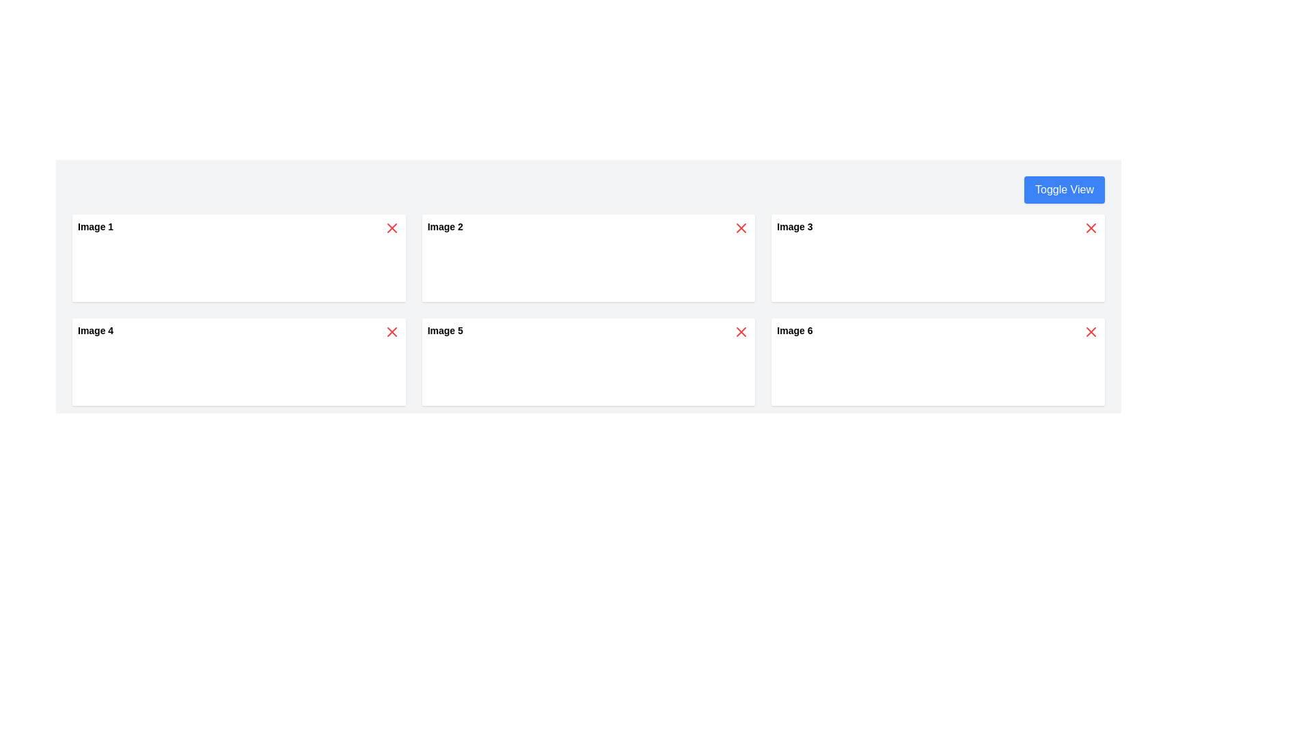 The width and height of the screenshot is (1312, 738). Describe the element at coordinates (391, 228) in the screenshot. I see `the close or cancel button icon located in the top-right corner of 'Image 1' to trigger a tooltip or visual highlight` at that location.